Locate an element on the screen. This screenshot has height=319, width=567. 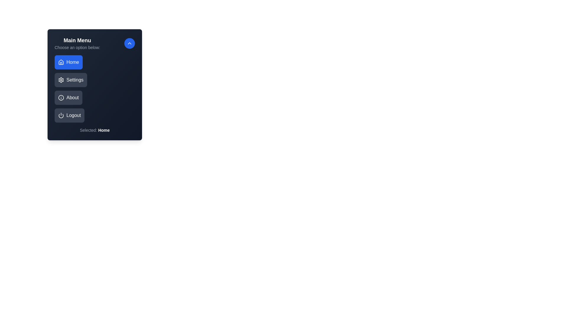
the 'About' button in the vertical menu is located at coordinates (68, 97).